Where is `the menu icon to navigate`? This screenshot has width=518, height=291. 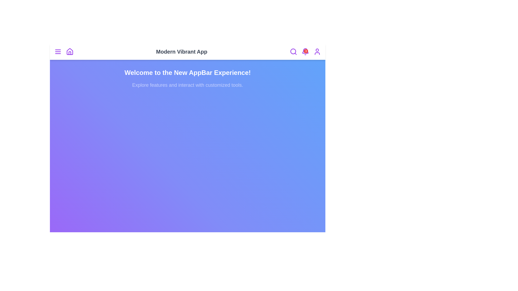
the menu icon to navigate is located at coordinates (58, 52).